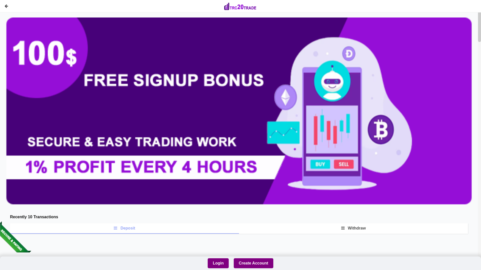  What do you see at coordinates (254, 263) in the screenshot?
I see `'Create Account'` at bounding box center [254, 263].